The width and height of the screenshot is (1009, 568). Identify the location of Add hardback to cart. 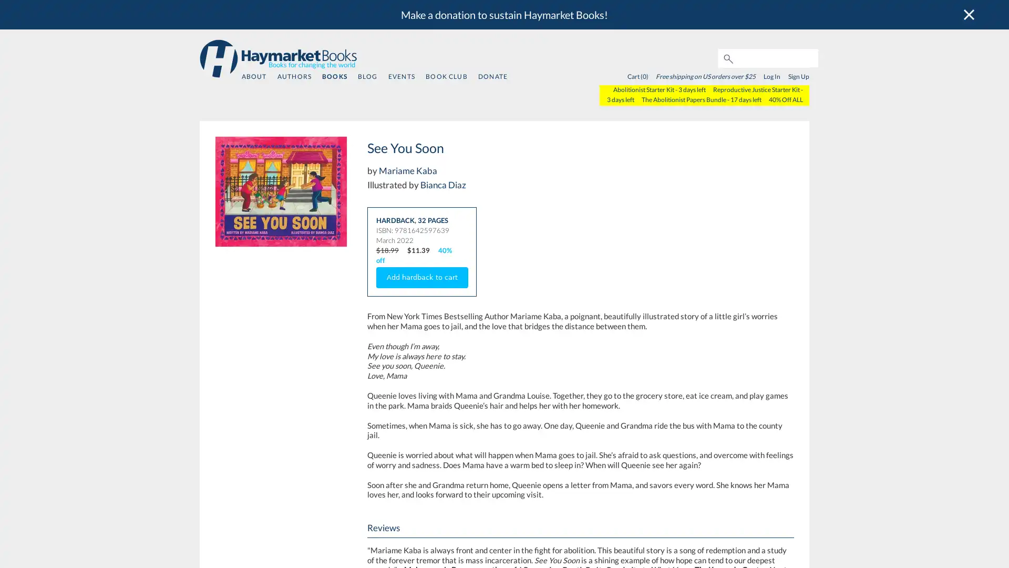
(421, 277).